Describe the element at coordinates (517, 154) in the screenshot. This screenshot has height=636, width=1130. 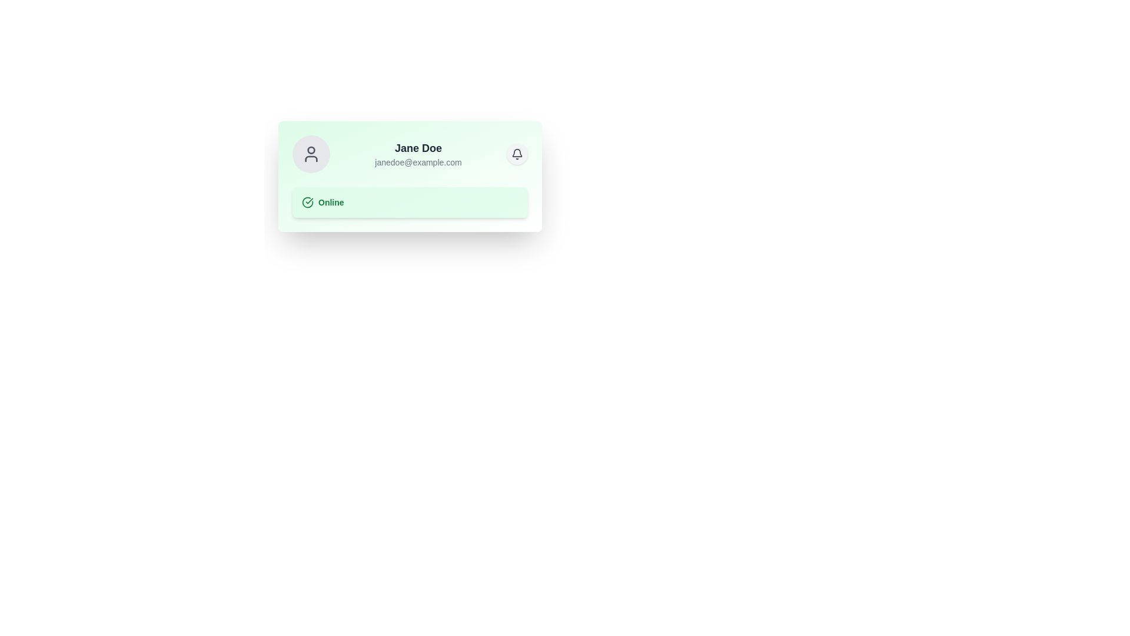
I see `the bell icon located in the top-right area of the user profile card` at that location.